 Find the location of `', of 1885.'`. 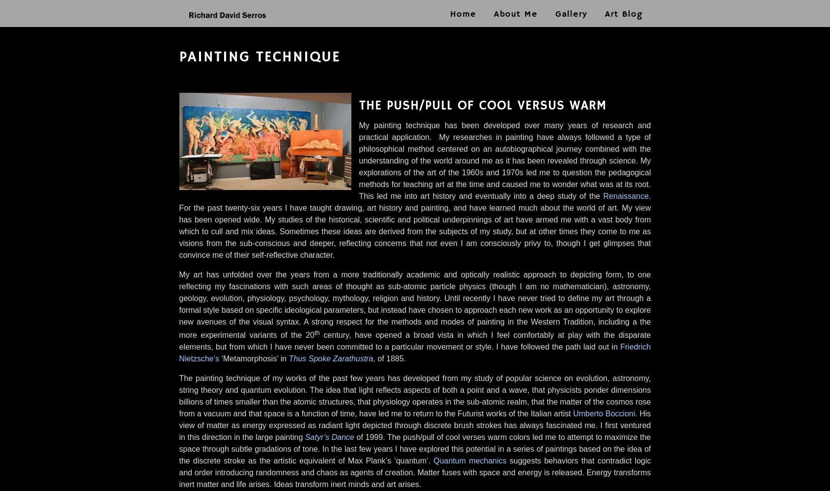

', of 1885.' is located at coordinates (389, 358).